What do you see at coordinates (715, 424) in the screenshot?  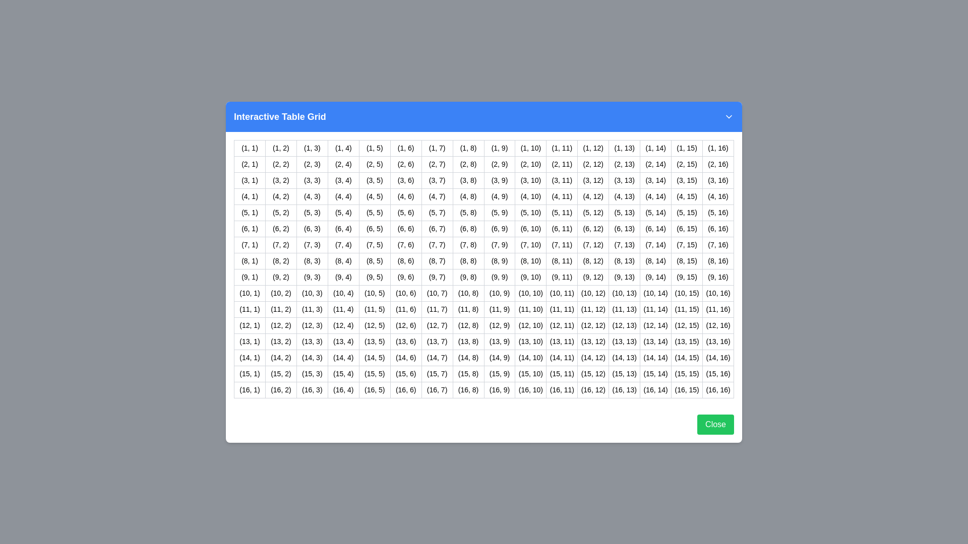 I see `the close button in the dialog footer` at bounding box center [715, 424].